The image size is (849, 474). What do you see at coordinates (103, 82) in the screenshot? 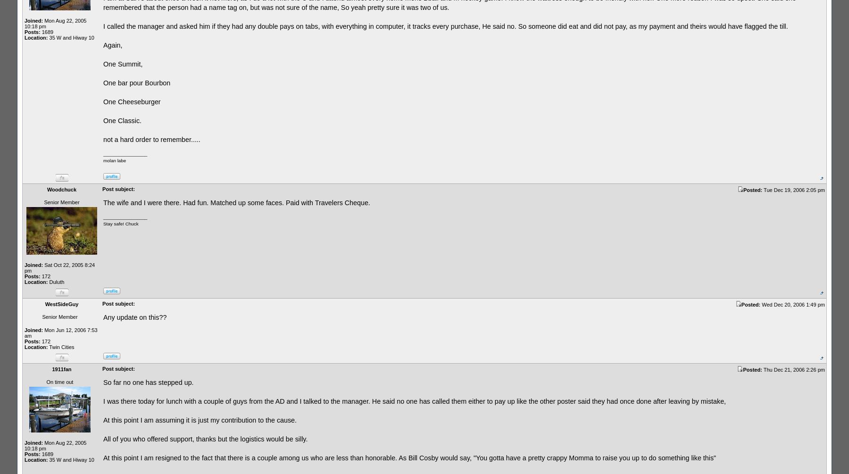
I see `'One bar pour Bourbon'` at bounding box center [103, 82].